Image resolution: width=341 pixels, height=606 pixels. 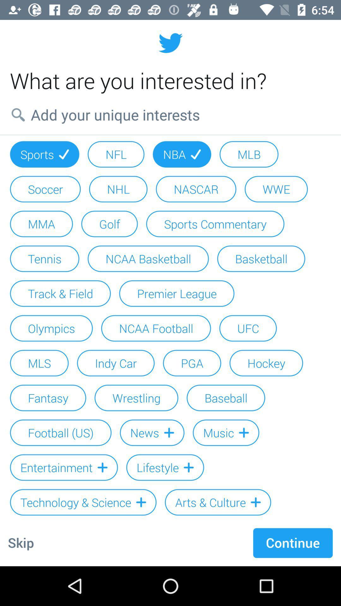 What do you see at coordinates (170, 115) in the screenshot?
I see `search for your interests` at bounding box center [170, 115].